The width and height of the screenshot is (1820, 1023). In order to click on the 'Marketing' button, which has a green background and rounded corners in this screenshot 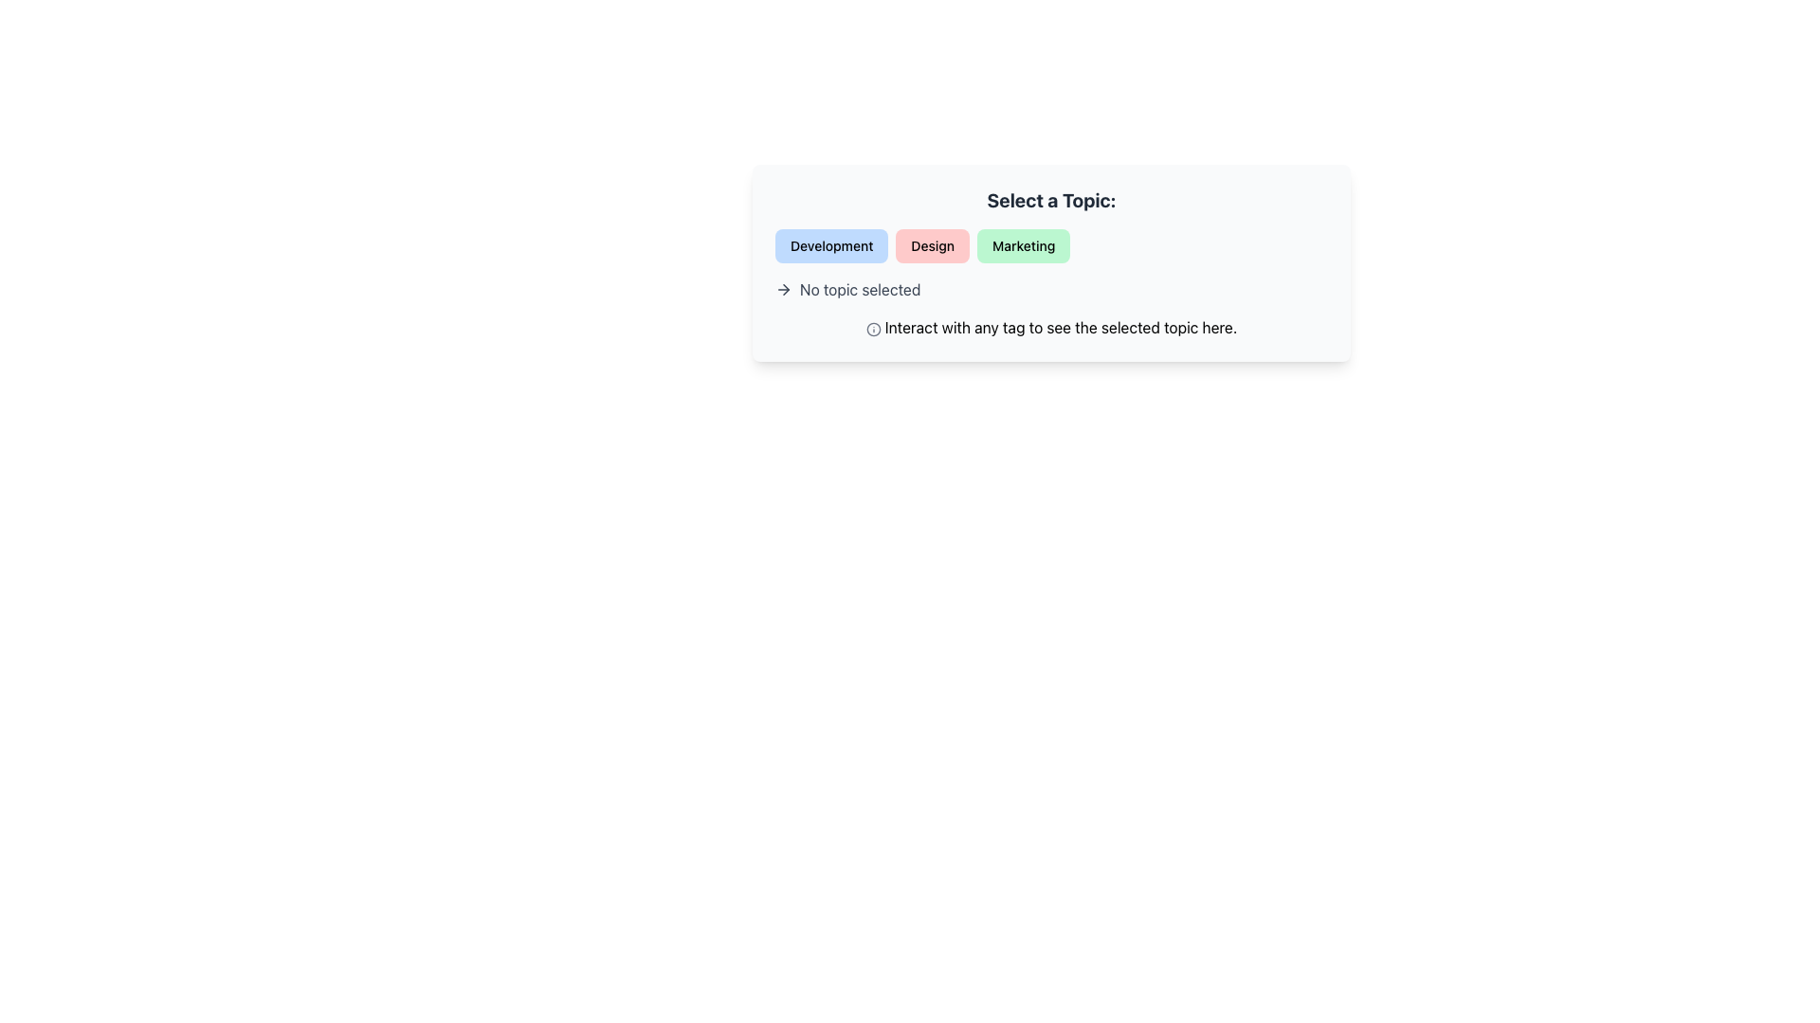, I will do `click(1023, 244)`.